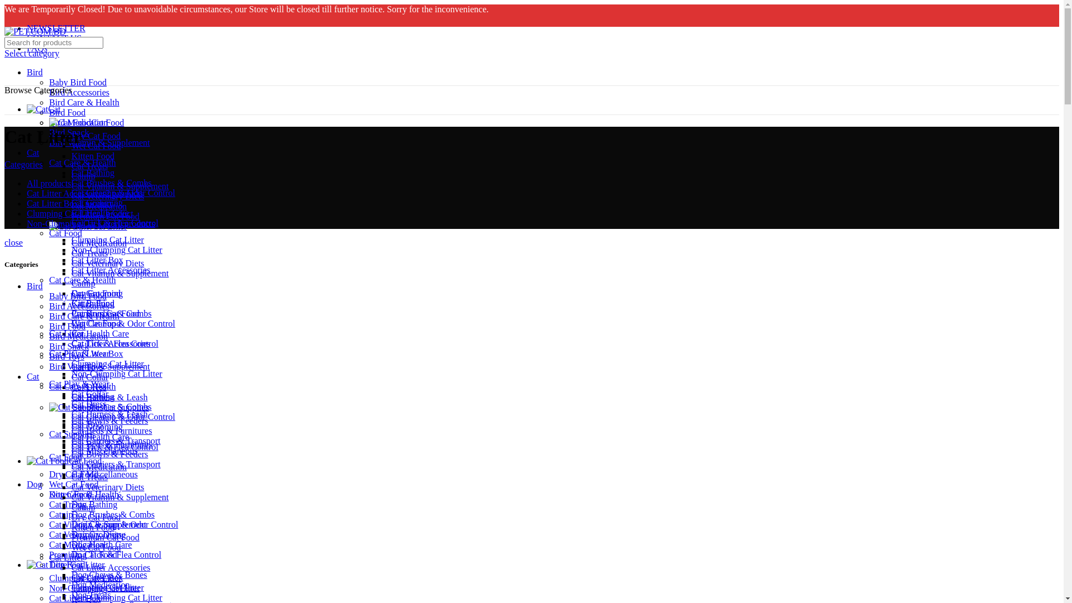  What do you see at coordinates (112, 443) in the screenshot?
I see `'Cat Beds & Furnitures'` at bounding box center [112, 443].